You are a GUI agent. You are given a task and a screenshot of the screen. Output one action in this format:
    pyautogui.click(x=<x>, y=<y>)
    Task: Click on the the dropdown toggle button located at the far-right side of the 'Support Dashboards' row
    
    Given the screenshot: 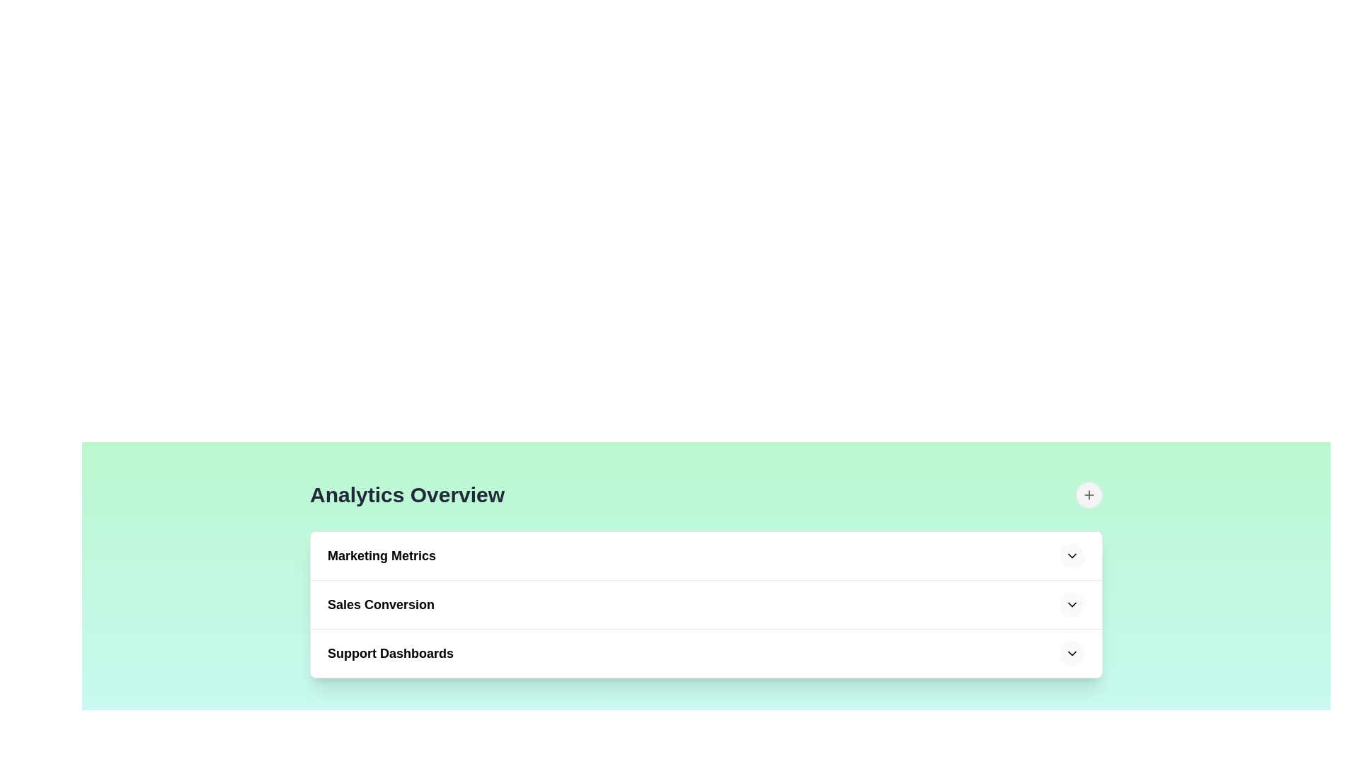 What is the action you would take?
    pyautogui.click(x=1072, y=654)
    